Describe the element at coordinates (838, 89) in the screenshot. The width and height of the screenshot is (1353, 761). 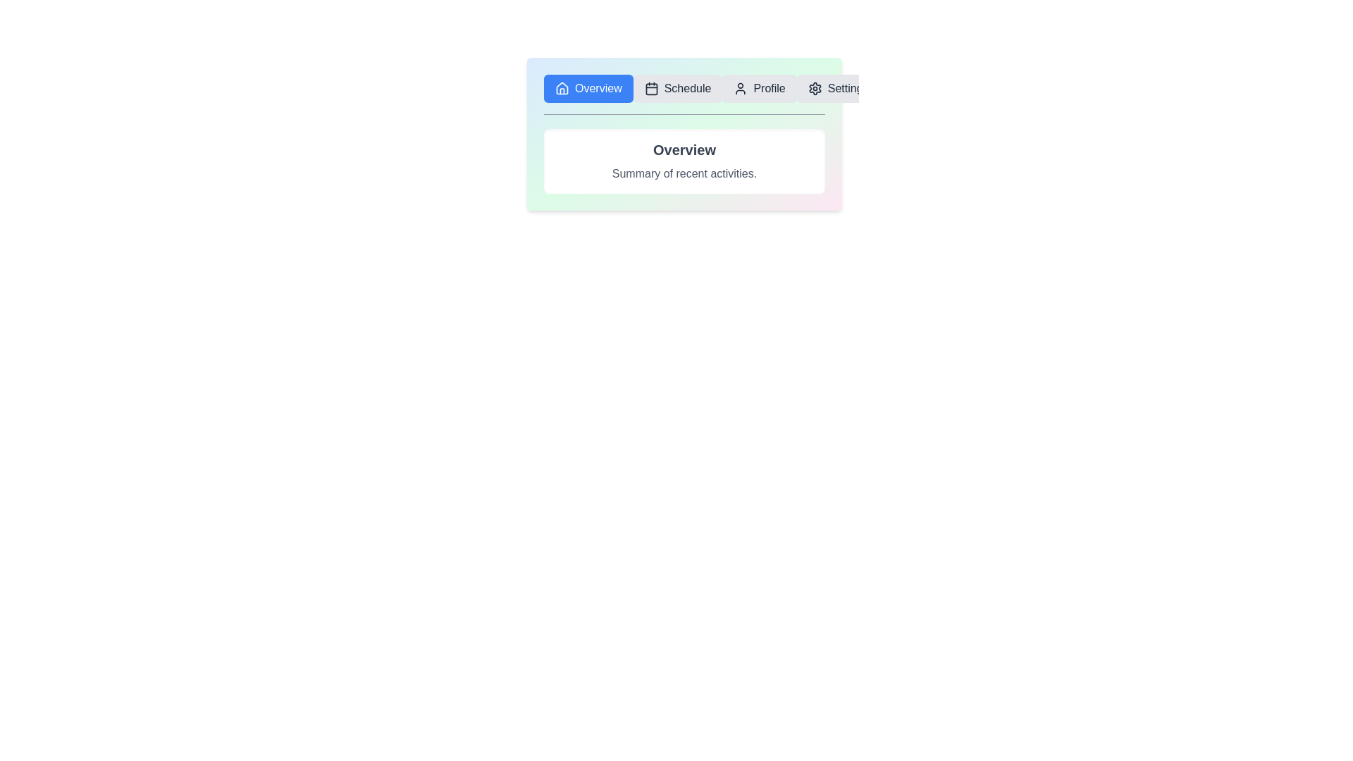
I see `the tab labeled Settings` at that location.